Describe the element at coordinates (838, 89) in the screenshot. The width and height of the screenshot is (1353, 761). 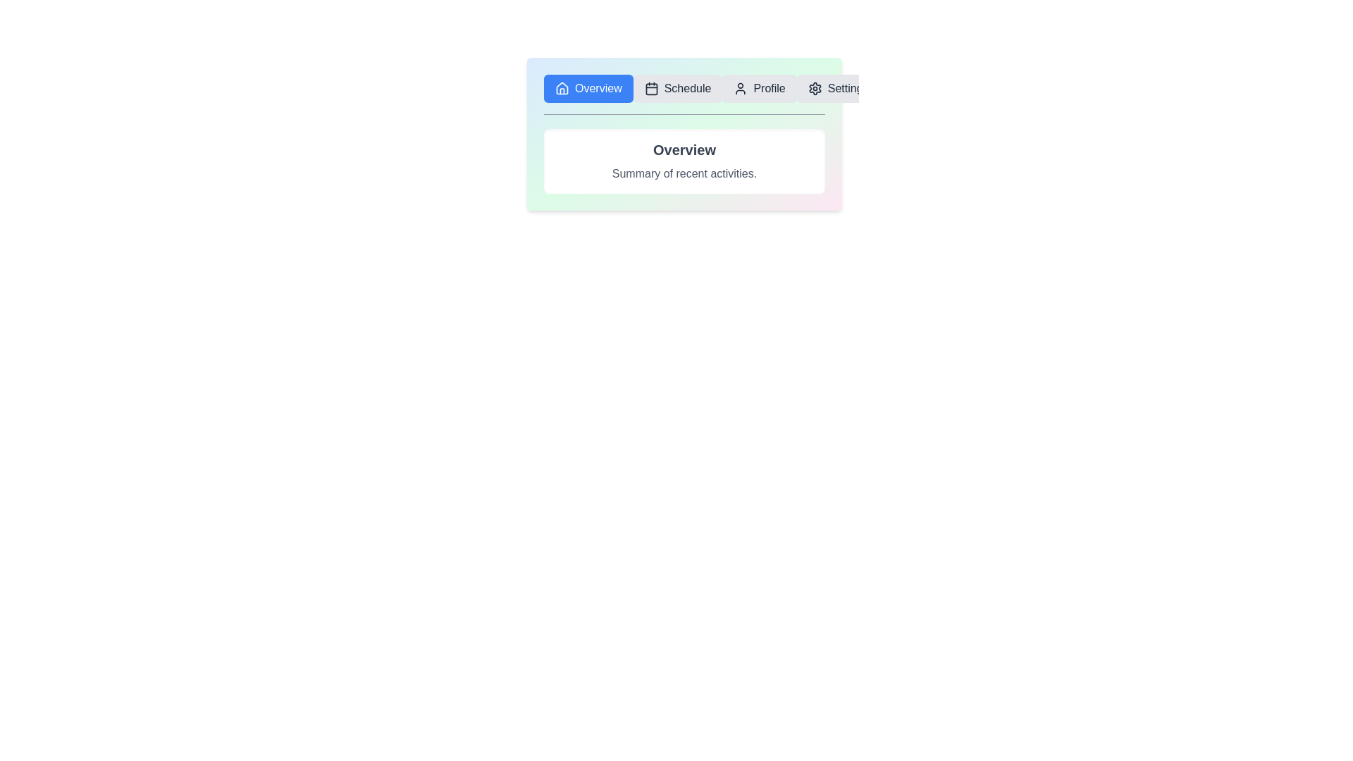
I see `the tab labeled Settings` at that location.